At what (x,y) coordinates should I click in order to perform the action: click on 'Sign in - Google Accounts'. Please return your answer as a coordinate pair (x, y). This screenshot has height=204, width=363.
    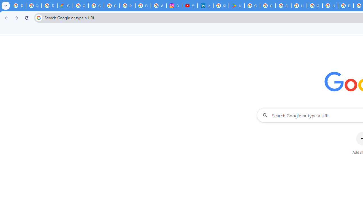
    Looking at the image, I should click on (283, 6).